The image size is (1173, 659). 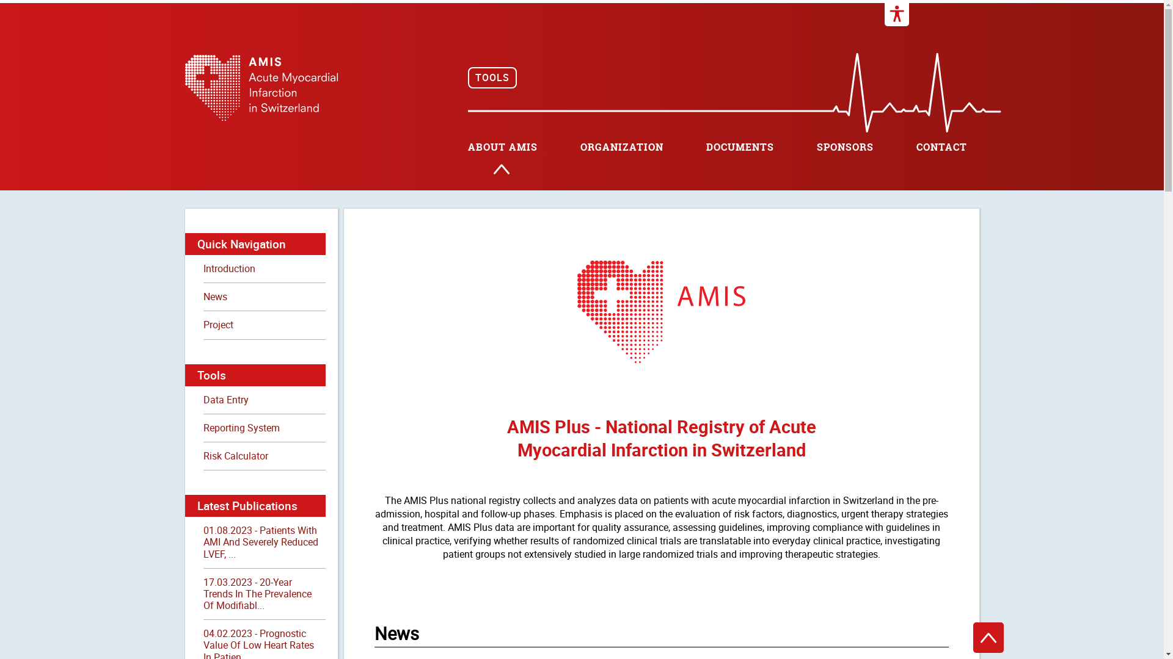 I want to click on 'Introduction', so click(x=263, y=268).